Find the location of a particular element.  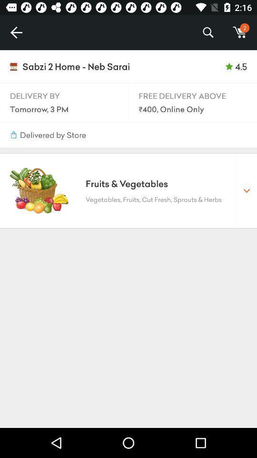

the item to the right of the % is located at coordinates (239, 32).